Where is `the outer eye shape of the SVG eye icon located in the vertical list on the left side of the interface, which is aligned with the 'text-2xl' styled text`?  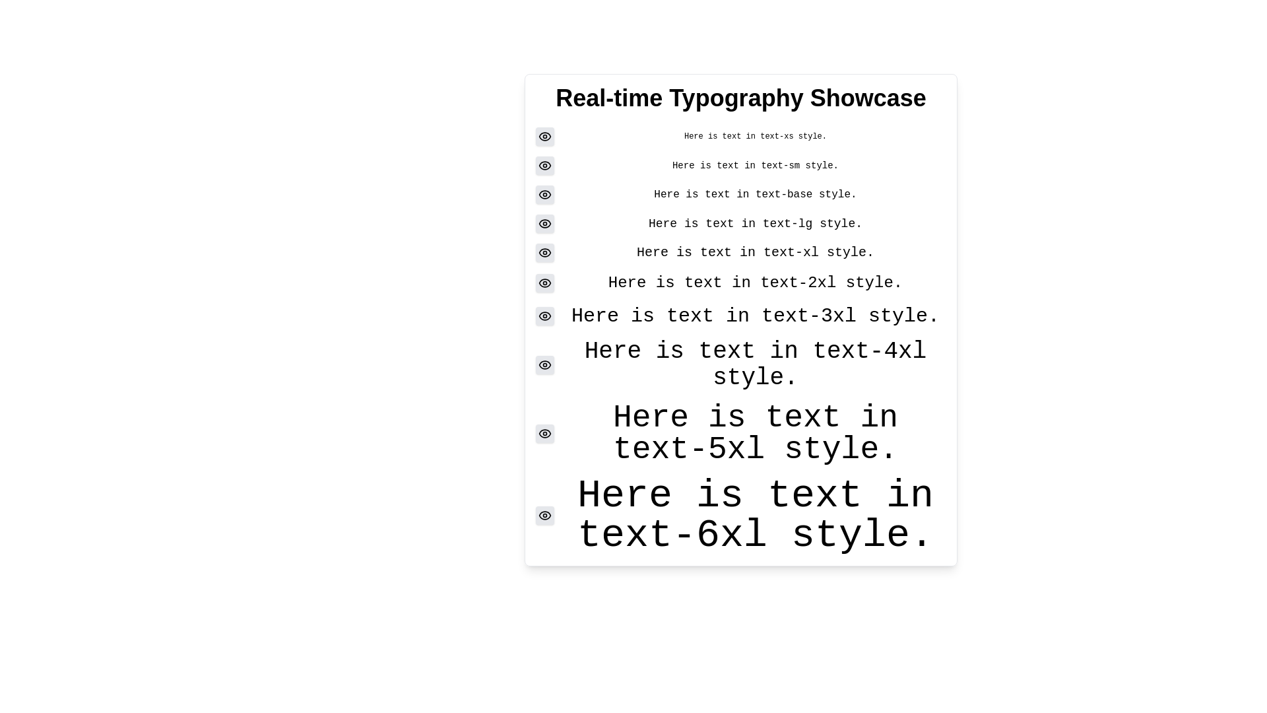
the outer eye shape of the SVG eye icon located in the vertical list on the left side of the interface, which is aligned with the 'text-2xl' styled text is located at coordinates (544, 282).